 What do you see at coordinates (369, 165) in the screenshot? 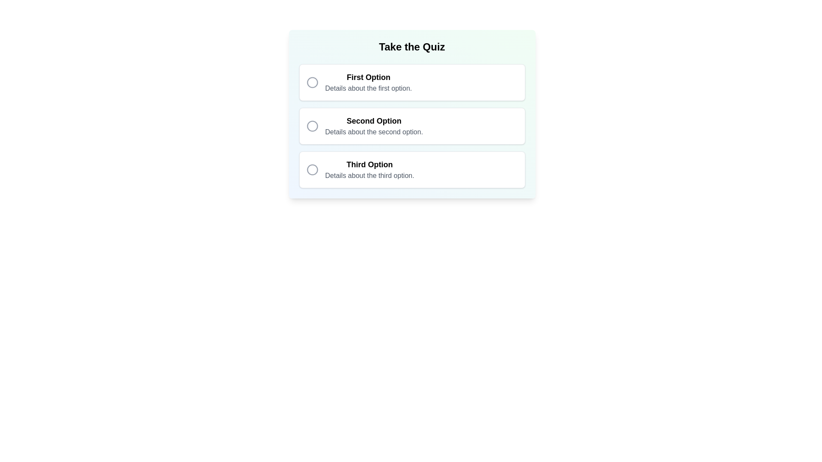
I see `the bold text label reading 'Third Option' in the quiz interface, which is styled with a larger font size and located within a white background card` at bounding box center [369, 165].